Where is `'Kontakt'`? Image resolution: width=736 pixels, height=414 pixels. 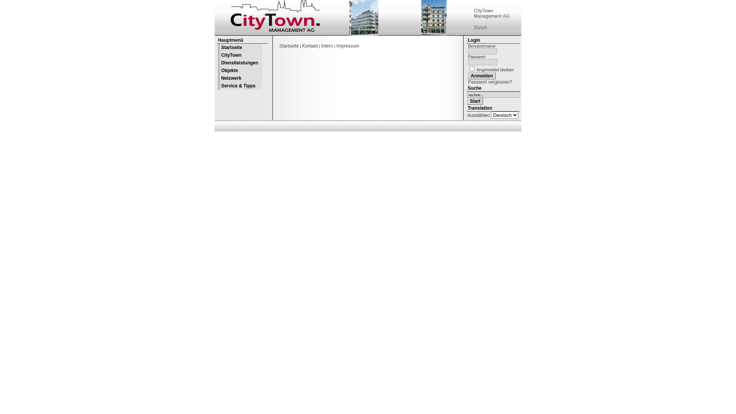 'Kontakt' is located at coordinates (310, 46).